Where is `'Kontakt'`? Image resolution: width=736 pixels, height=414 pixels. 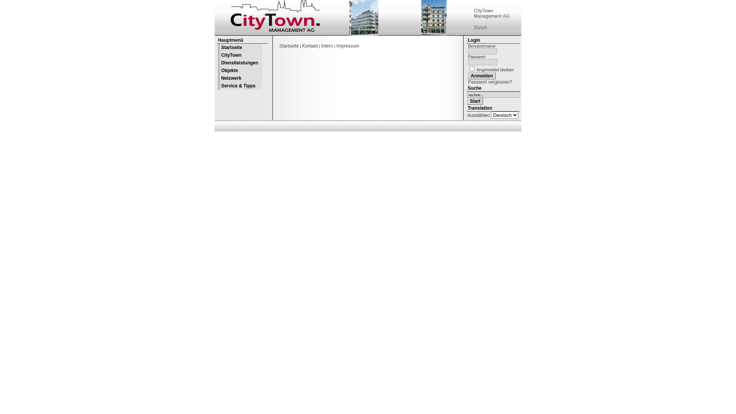 'Kontakt' is located at coordinates (310, 46).